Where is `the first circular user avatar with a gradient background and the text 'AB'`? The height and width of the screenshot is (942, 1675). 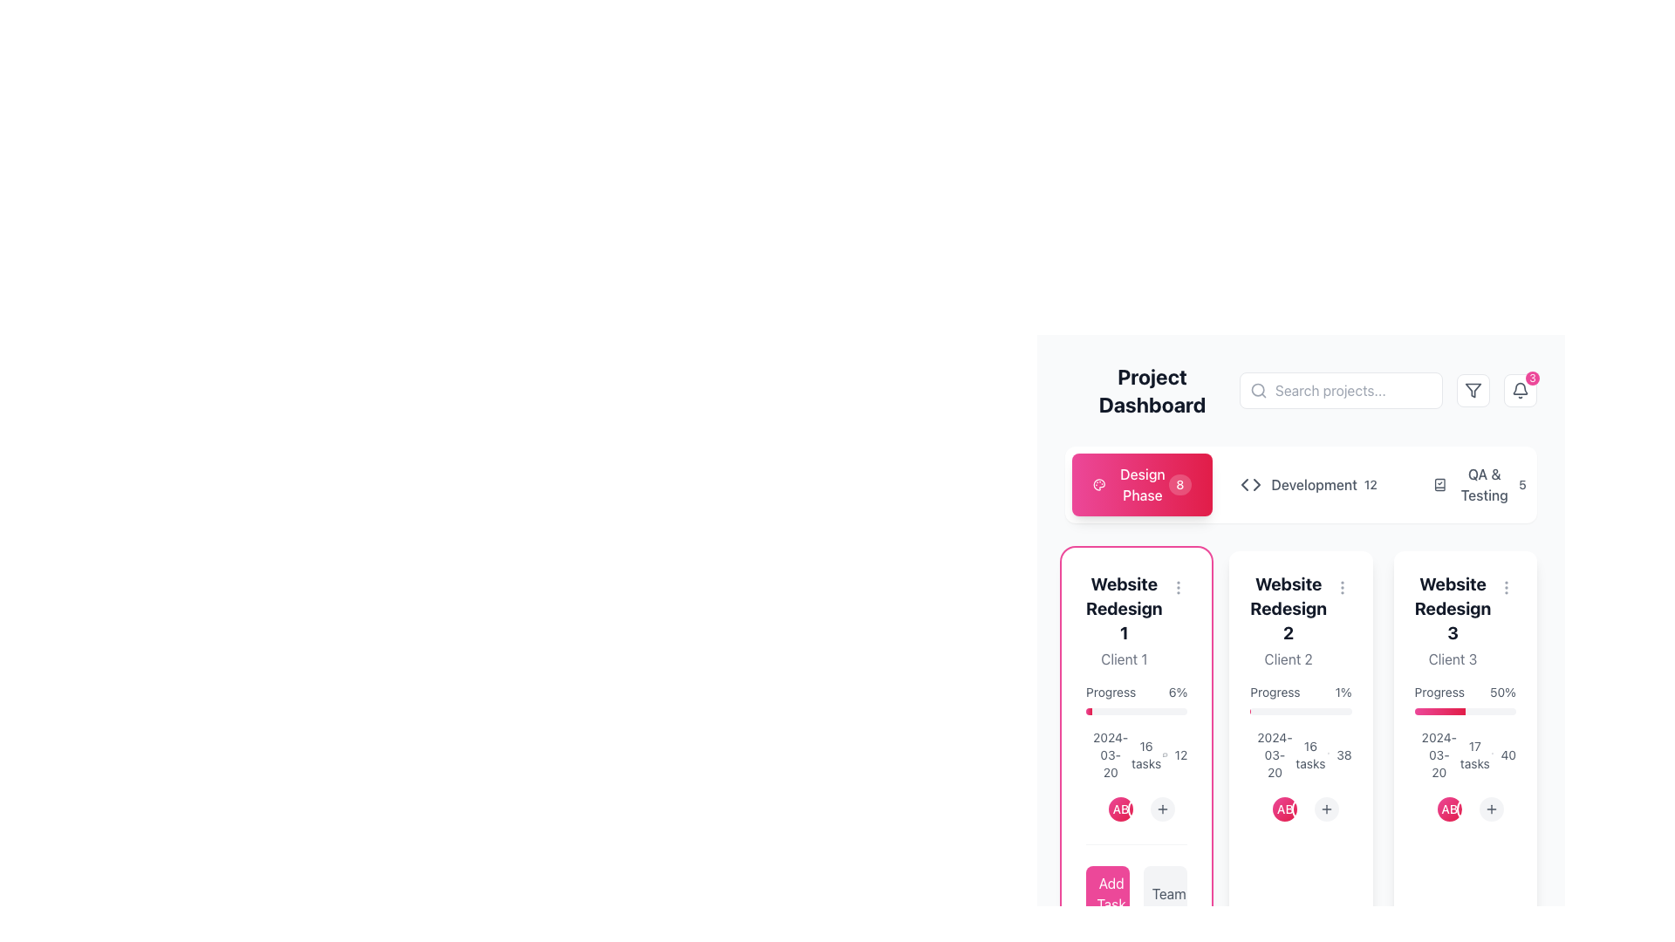 the first circular user avatar with a gradient background and the text 'AB' is located at coordinates (1428, 809).